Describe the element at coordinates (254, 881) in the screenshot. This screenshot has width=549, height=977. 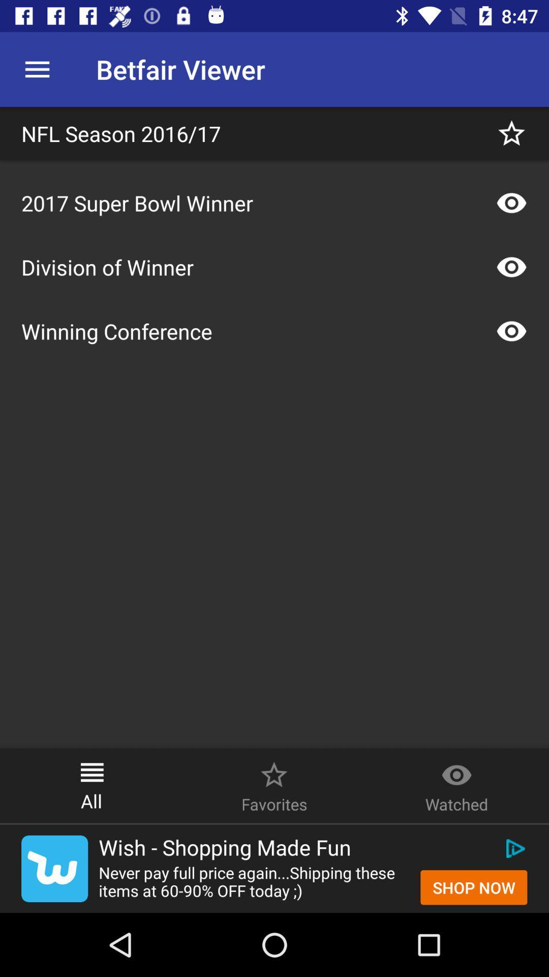
I see `the item next to the shop now icon` at that location.